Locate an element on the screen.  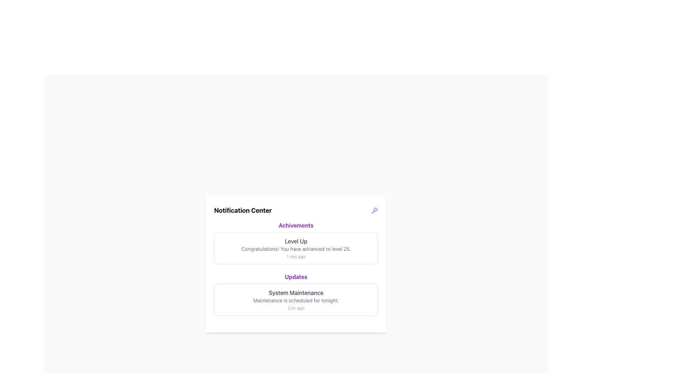
the Text label that indicates the time elapsed since the associated notification event occurred, located within the lower segment of the 'System Maintenance' notification card is located at coordinates (296, 308).